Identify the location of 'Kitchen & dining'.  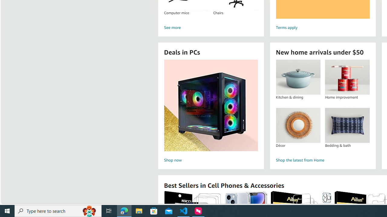
(298, 77).